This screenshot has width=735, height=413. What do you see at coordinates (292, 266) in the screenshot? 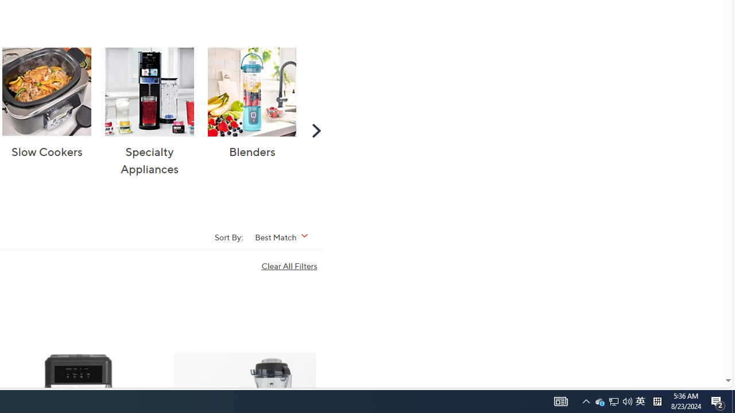
I see `'Clear All Filters'` at bounding box center [292, 266].